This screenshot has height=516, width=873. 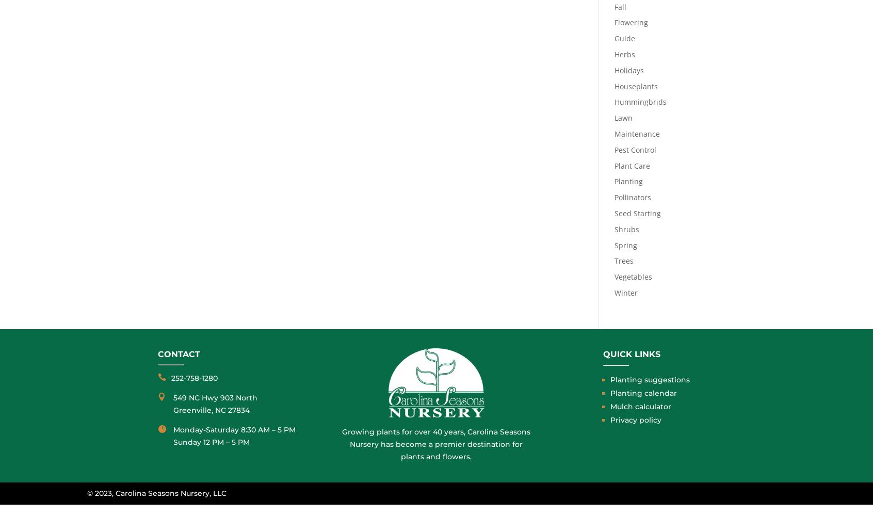 I want to click on 'Vegetables', so click(x=633, y=277).